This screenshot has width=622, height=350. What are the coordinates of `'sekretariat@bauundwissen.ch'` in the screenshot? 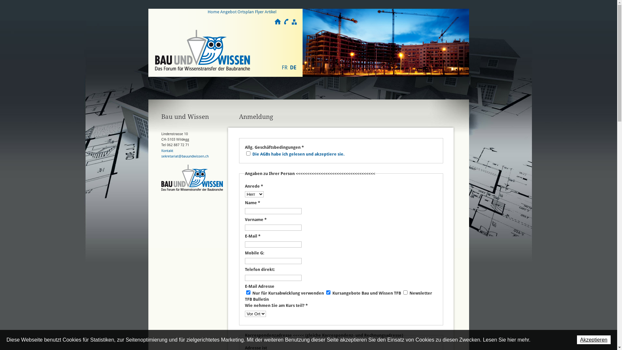 It's located at (185, 156).